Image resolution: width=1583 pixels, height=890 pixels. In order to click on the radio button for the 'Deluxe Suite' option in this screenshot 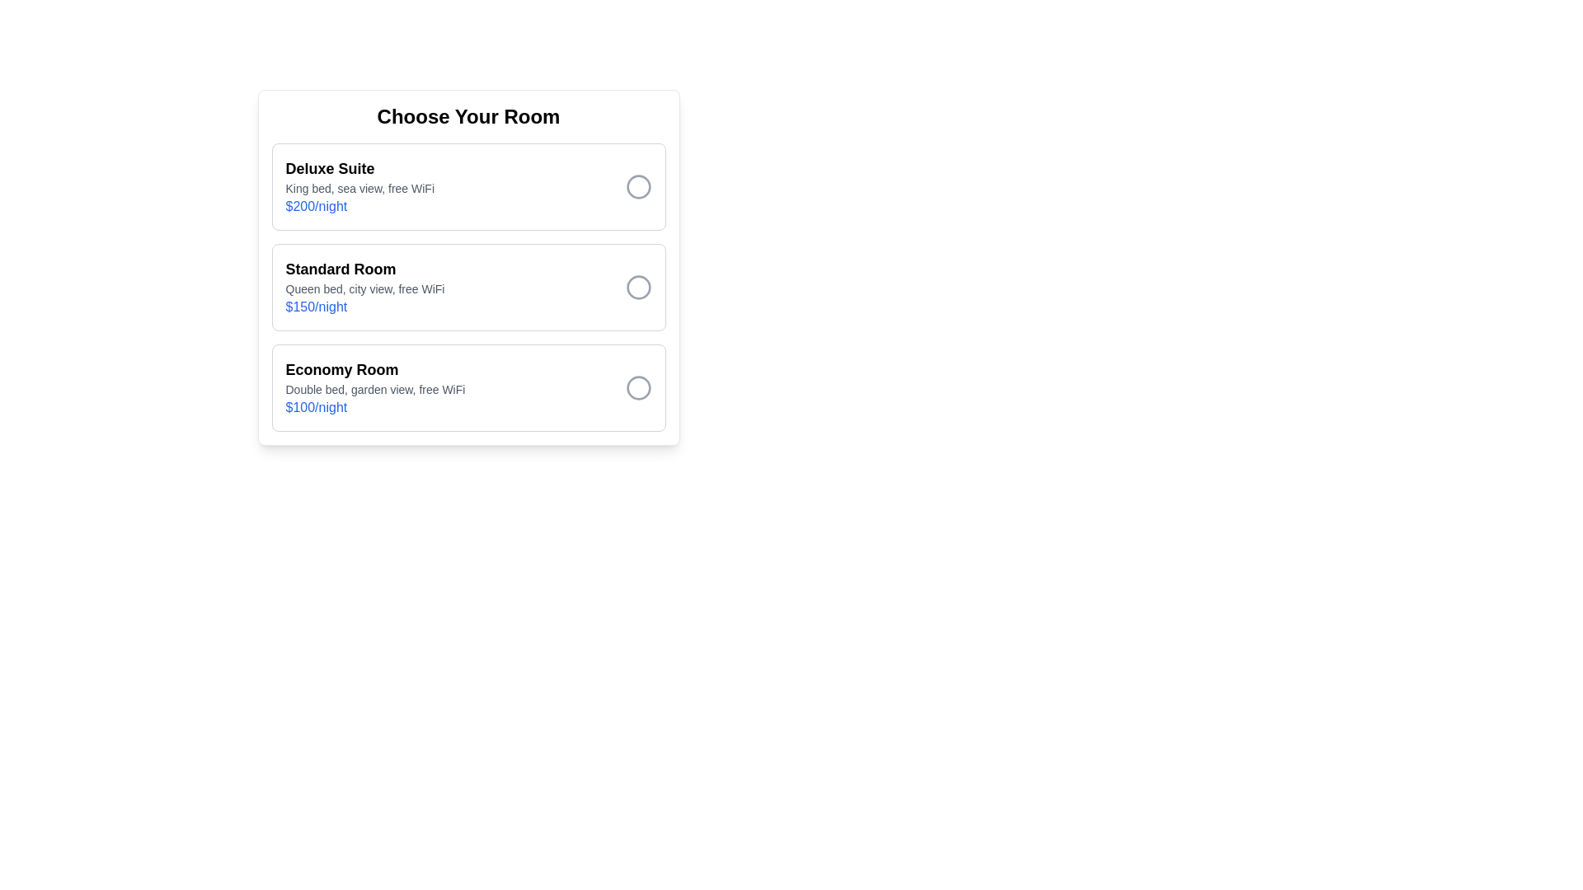, I will do `click(637, 186)`.